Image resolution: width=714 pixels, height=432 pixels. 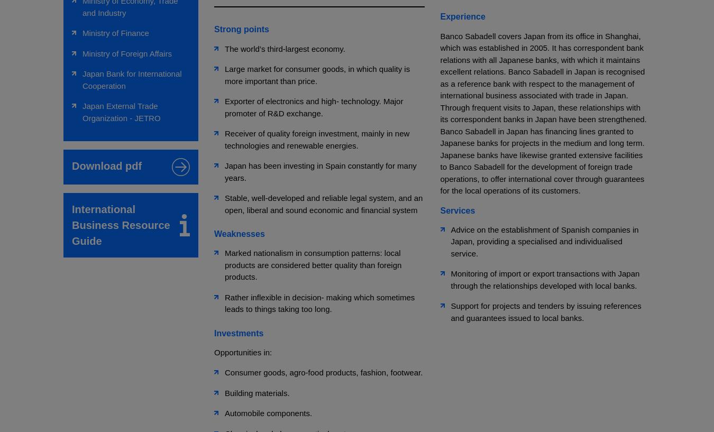 I want to click on 'Ministry of Finance', so click(x=115, y=32).